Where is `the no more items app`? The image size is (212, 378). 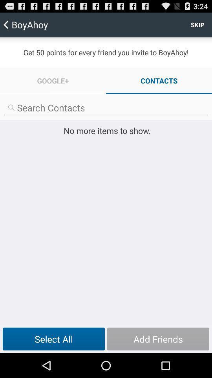 the no more items app is located at coordinates (106, 130).